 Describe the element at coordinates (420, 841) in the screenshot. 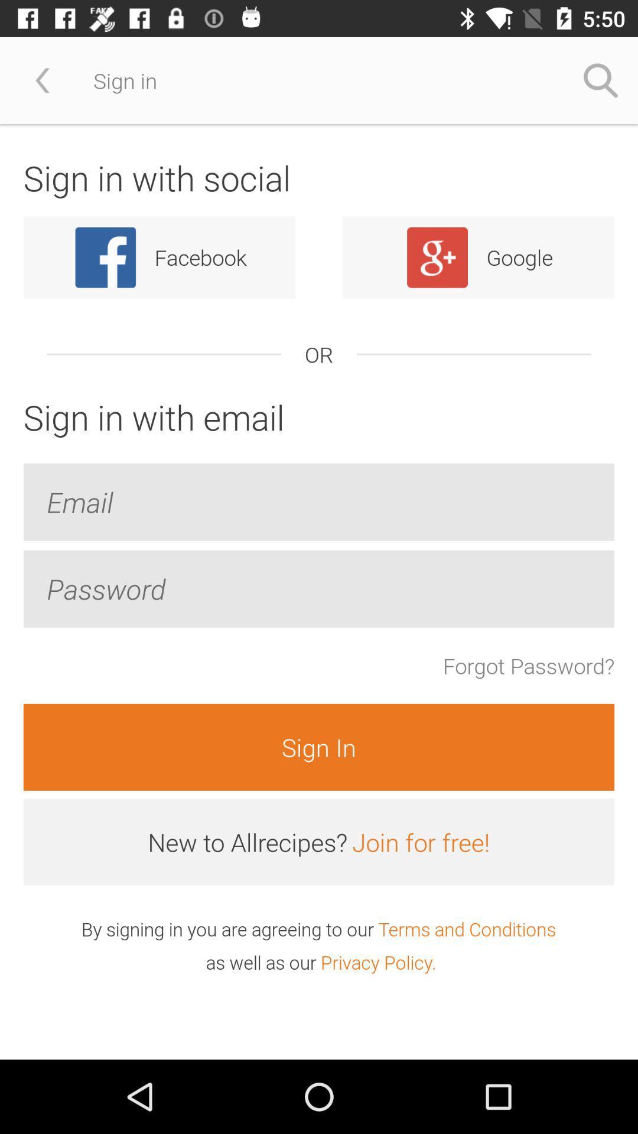

I see `the icon to the right of new to allrecipes? item` at that location.